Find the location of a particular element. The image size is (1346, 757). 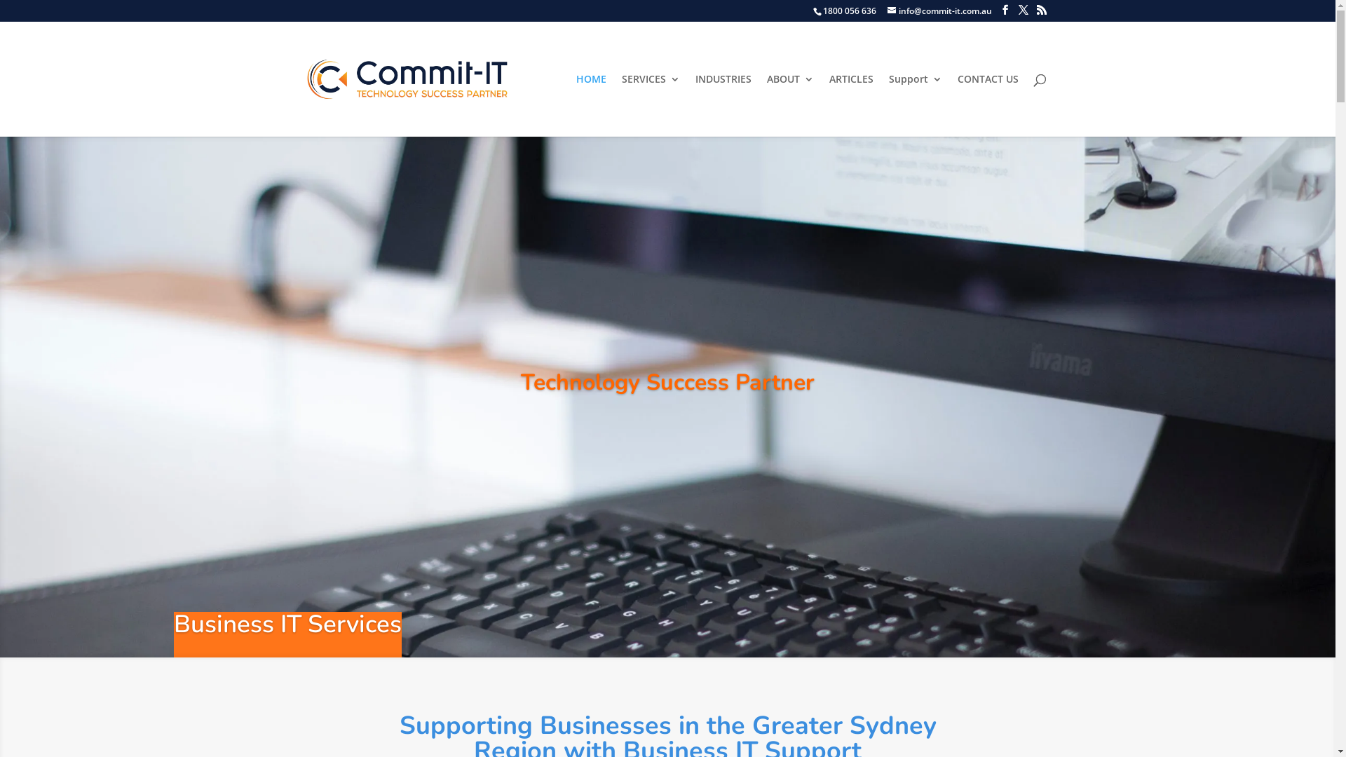

'ARTICLES' is located at coordinates (850, 104).